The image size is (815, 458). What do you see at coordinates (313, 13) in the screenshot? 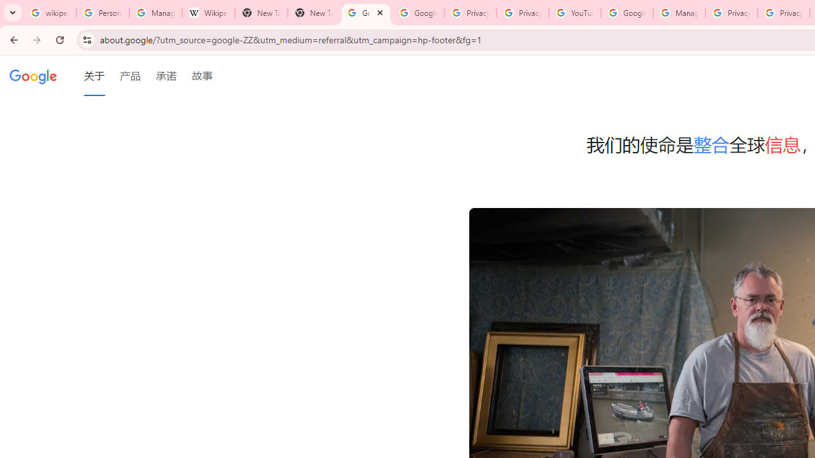
I see `'New Tab'` at bounding box center [313, 13].